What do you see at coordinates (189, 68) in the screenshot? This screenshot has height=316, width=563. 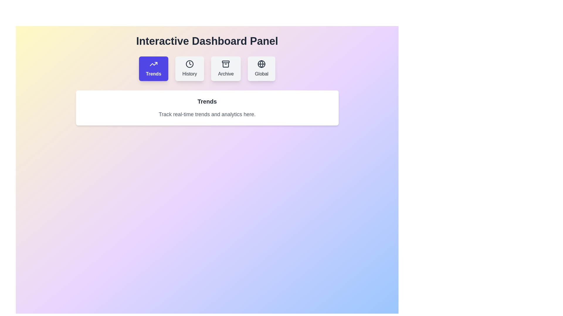 I see `the History tab to view its content` at bounding box center [189, 68].